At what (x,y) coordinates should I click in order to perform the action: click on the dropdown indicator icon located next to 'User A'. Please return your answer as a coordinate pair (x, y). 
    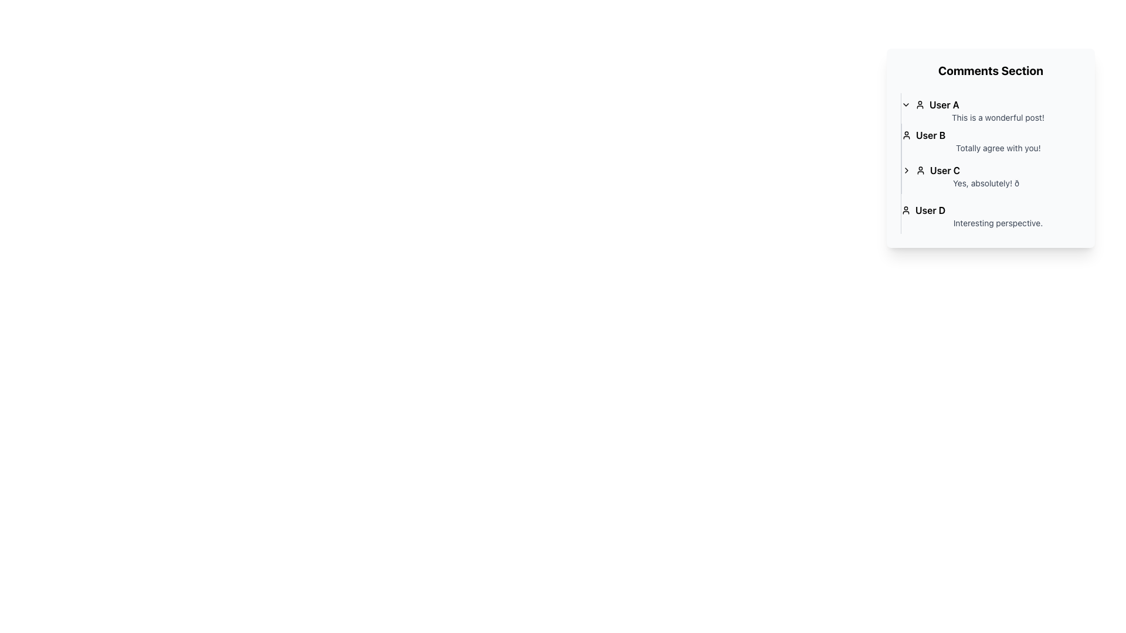
    Looking at the image, I should click on (905, 104).